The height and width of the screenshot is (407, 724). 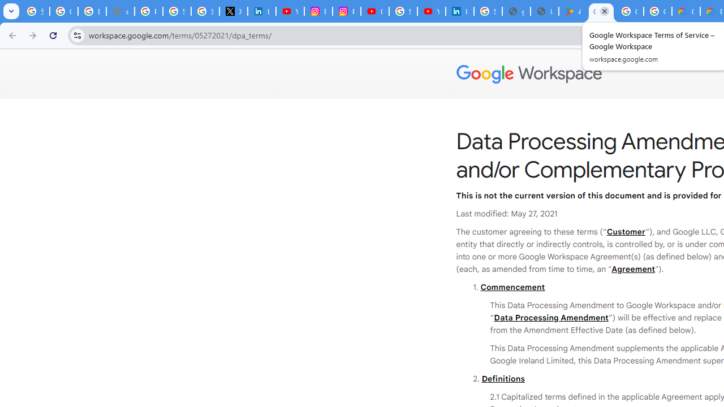 I want to click on 'LinkedIn Privacy Policy', so click(x=261, y=11).